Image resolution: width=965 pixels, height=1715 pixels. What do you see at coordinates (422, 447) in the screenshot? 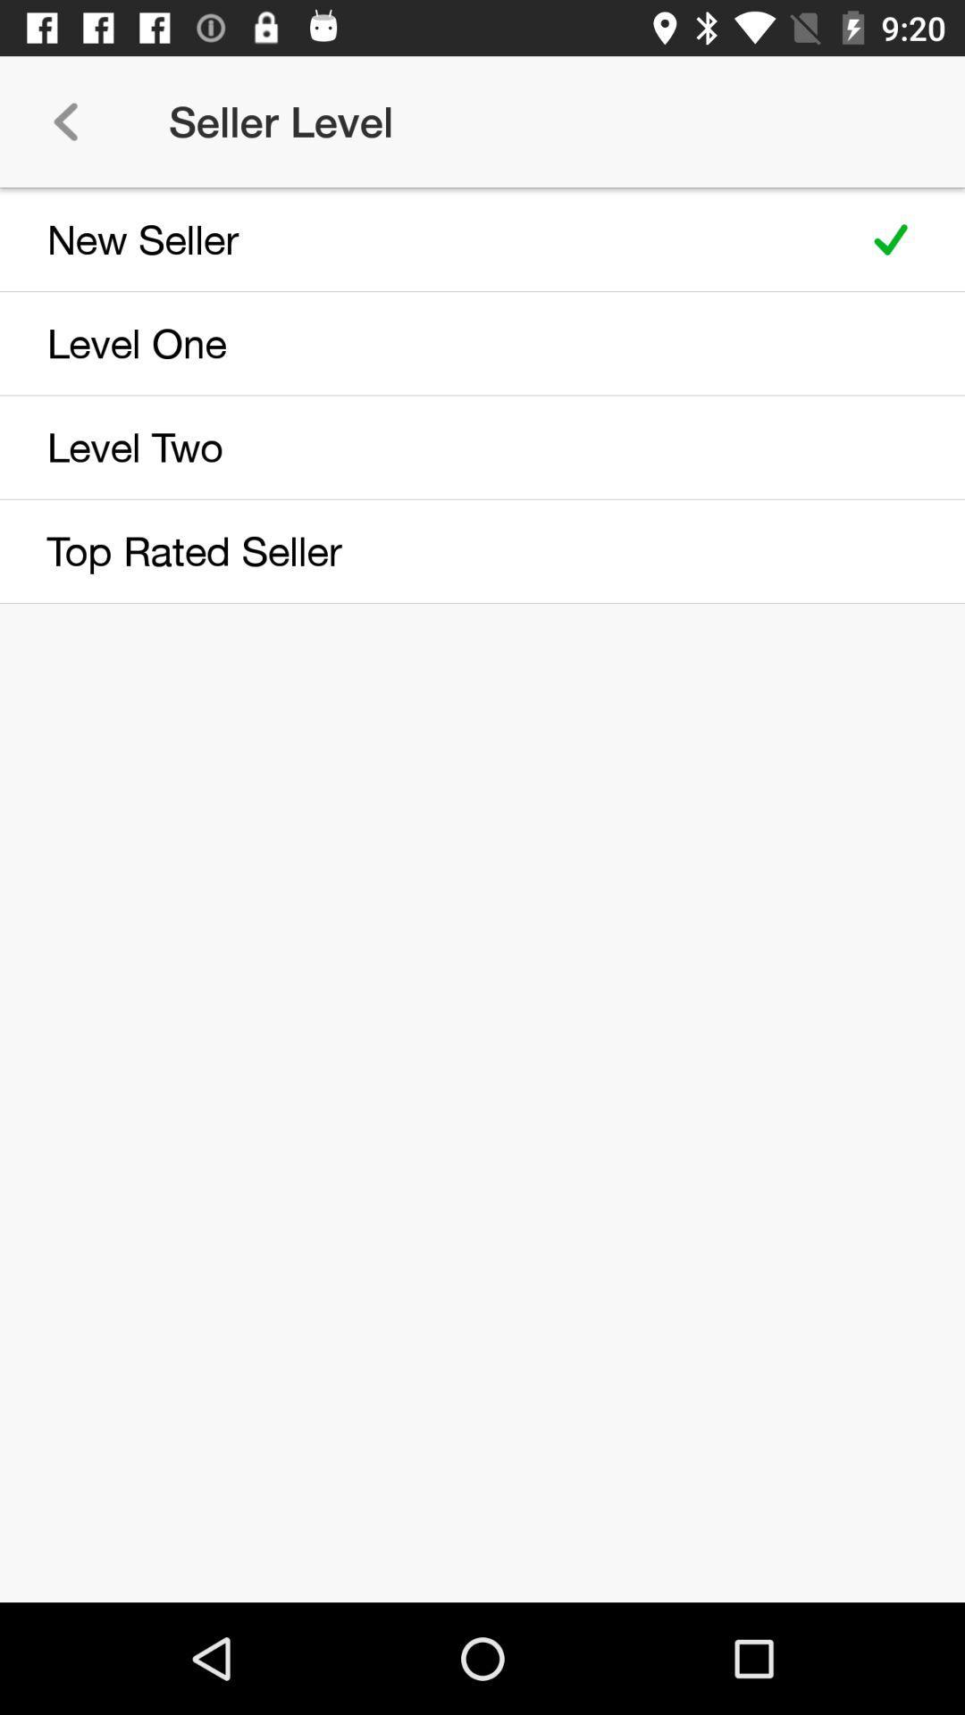
I see `the icon above top rated seller` at bounding box center [422, 447].